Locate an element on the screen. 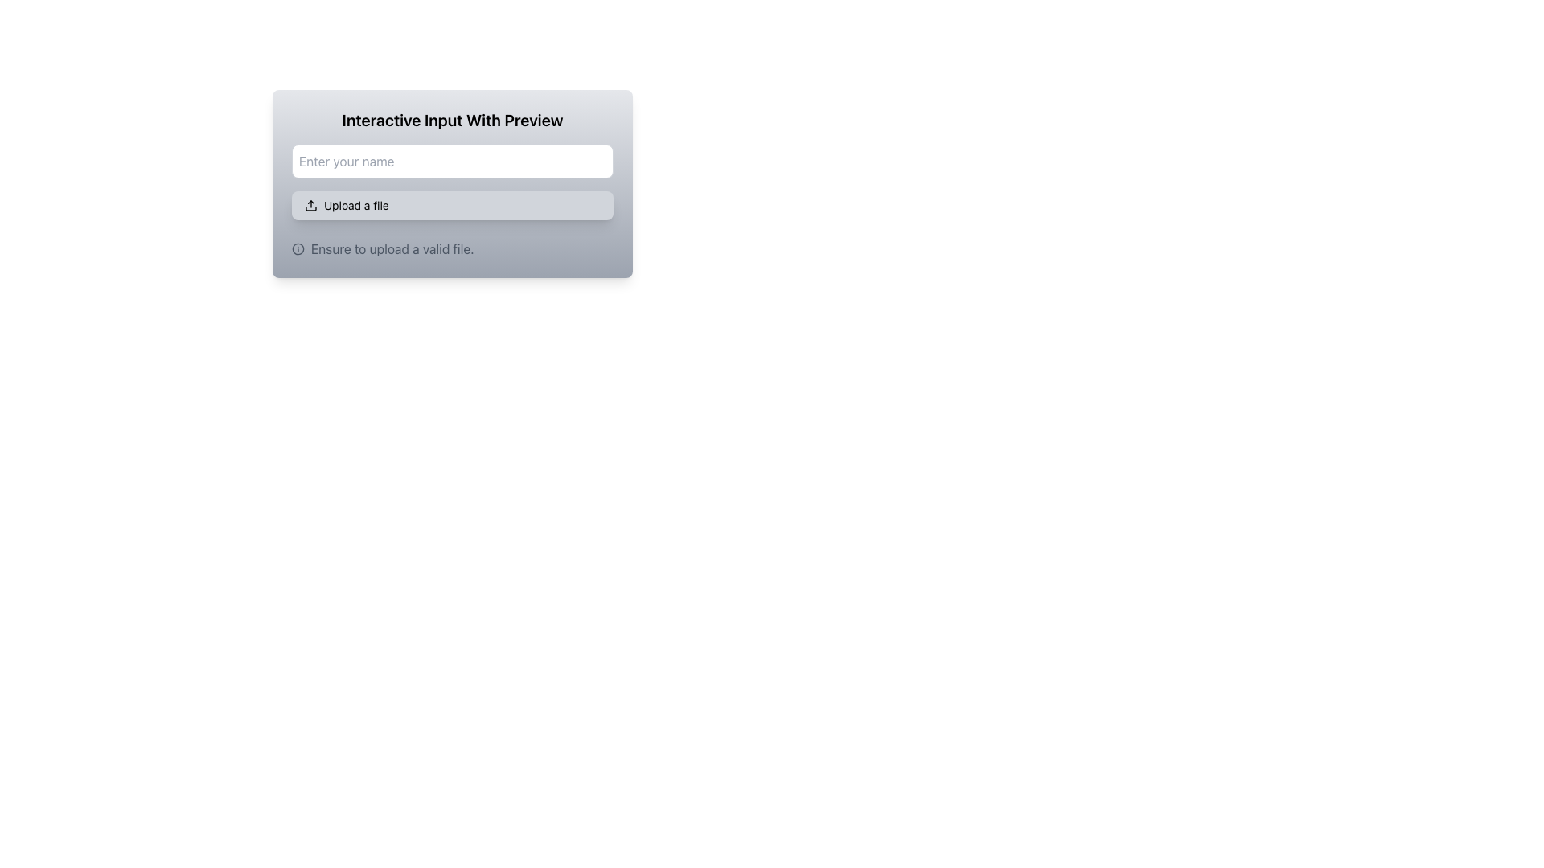  text label that says 'Upload a file', which is styled in a thin sans-serif font and is positioned to the right of the upload icon within a button-like structure is located at coordinates (355, 204).